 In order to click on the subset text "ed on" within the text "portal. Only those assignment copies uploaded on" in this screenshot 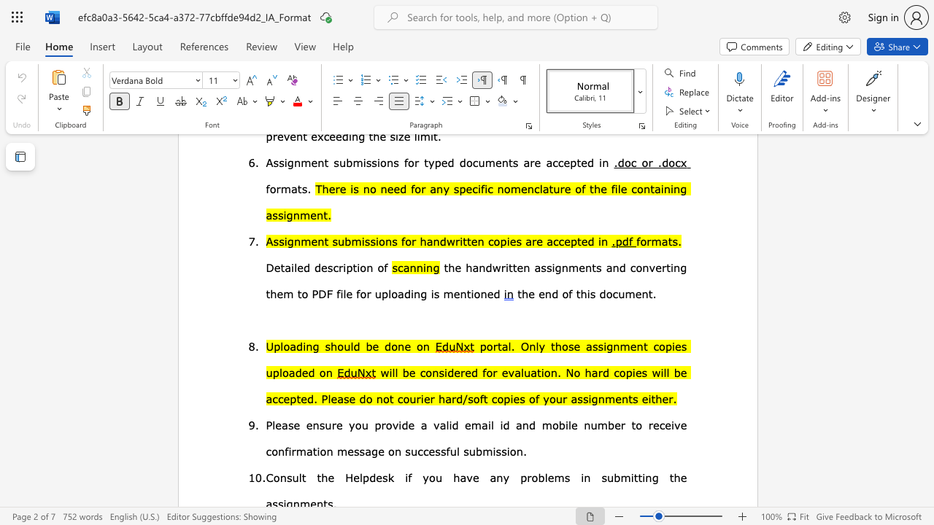, I will do `click(301, 371)`.